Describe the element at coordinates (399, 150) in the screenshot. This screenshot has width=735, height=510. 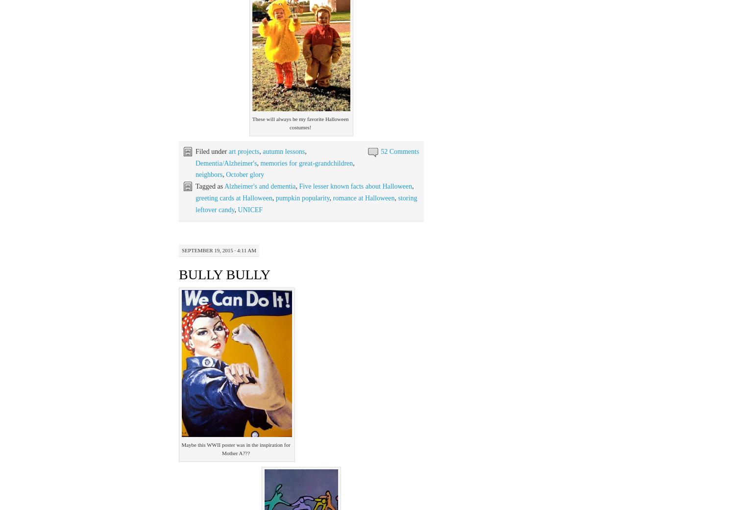
I see `'52 Comments'` at that location.